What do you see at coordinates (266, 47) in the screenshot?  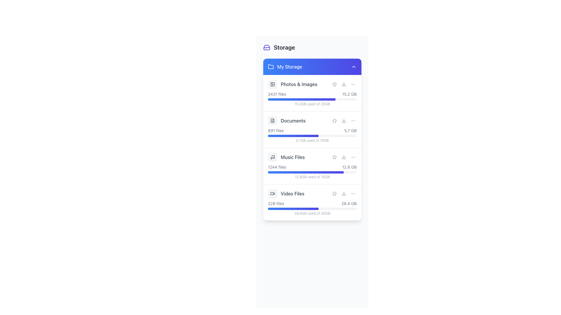 I see `the hard drive icon component that signifies storage functionality, located near the 'Storage' label in the header section` at bounding box center [266, 47].